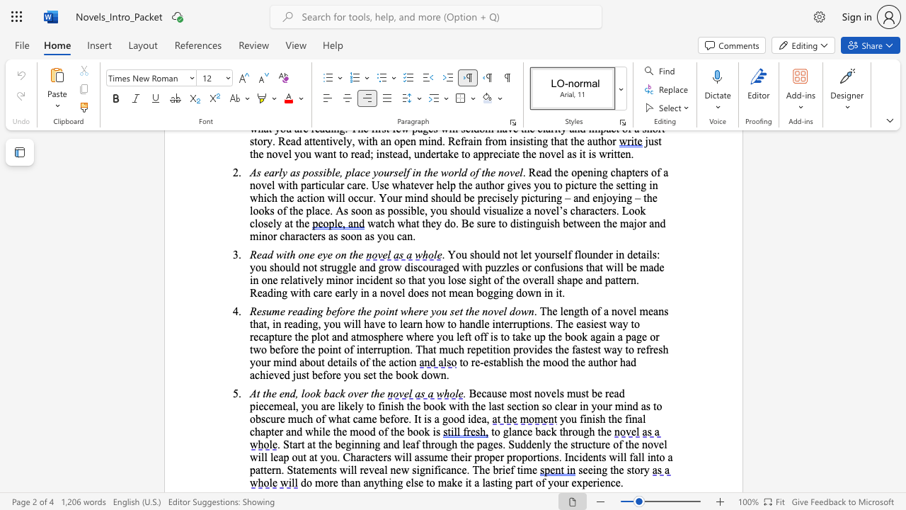 The width and height of the screenshot is (906, 510). What do you see at coordinates (574, 310) in the screenshot?
I see `the subset text "gth of a novel means that, in reading, you will have to learn how to handle interruptions. The easiest way to recapture the plot and atmosphere where you left off is to take up the book again a page or two before the point of inter" within the text ". The length of a novel means that, in reading, you will have to learn how to handle interruptions. The easiest way to recapture the plot and atmosphere where you left off is to take up the book again a page or two before the point of interruption. That much repetition"` at bounding box center [574, 310].